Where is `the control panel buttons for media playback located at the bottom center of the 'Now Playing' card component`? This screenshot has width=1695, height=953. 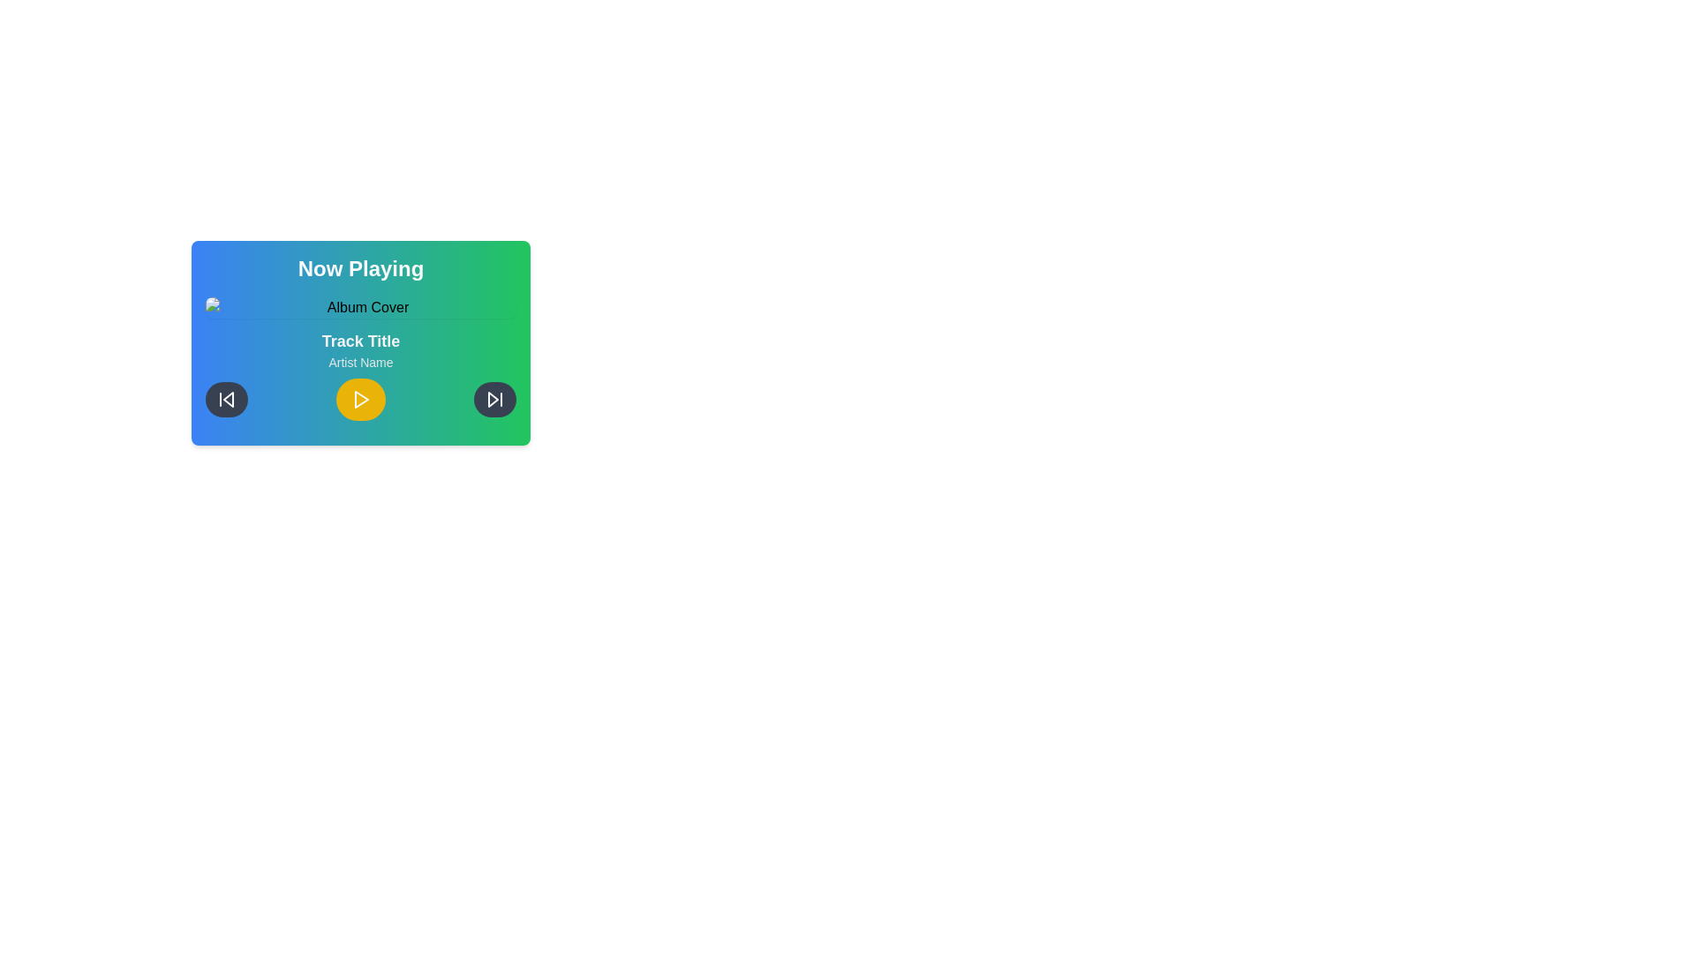 the control panel buttons for media playback located at the bottom center of the 'Now Playing' card component is located at coordinates (359, 399).